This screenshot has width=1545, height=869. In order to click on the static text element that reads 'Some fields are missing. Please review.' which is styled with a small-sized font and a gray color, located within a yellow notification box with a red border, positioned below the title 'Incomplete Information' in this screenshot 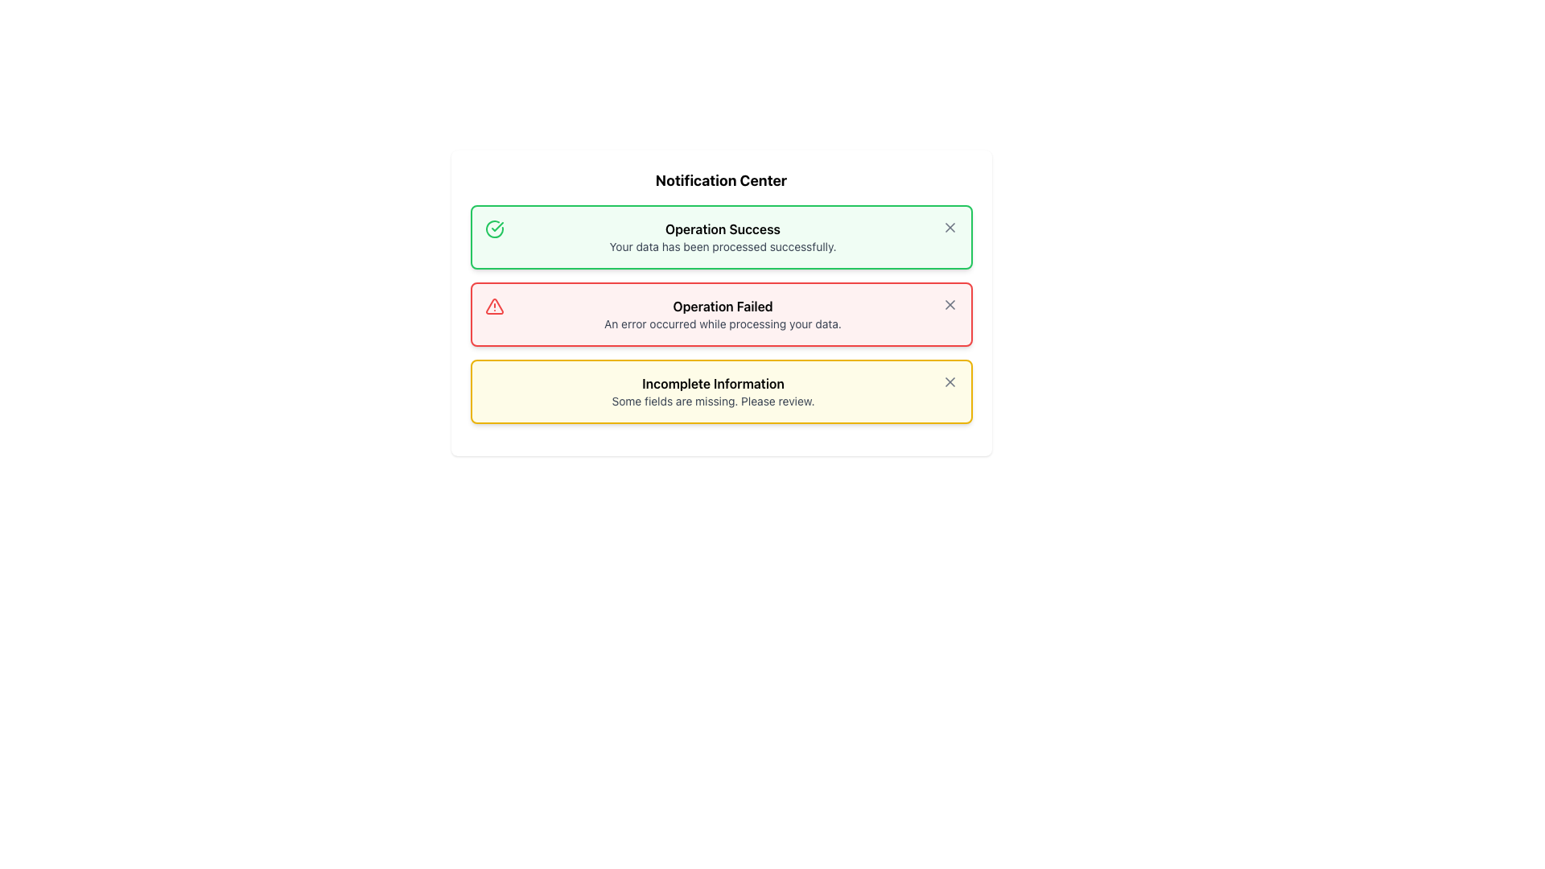, I will do `click(712, 400)`.